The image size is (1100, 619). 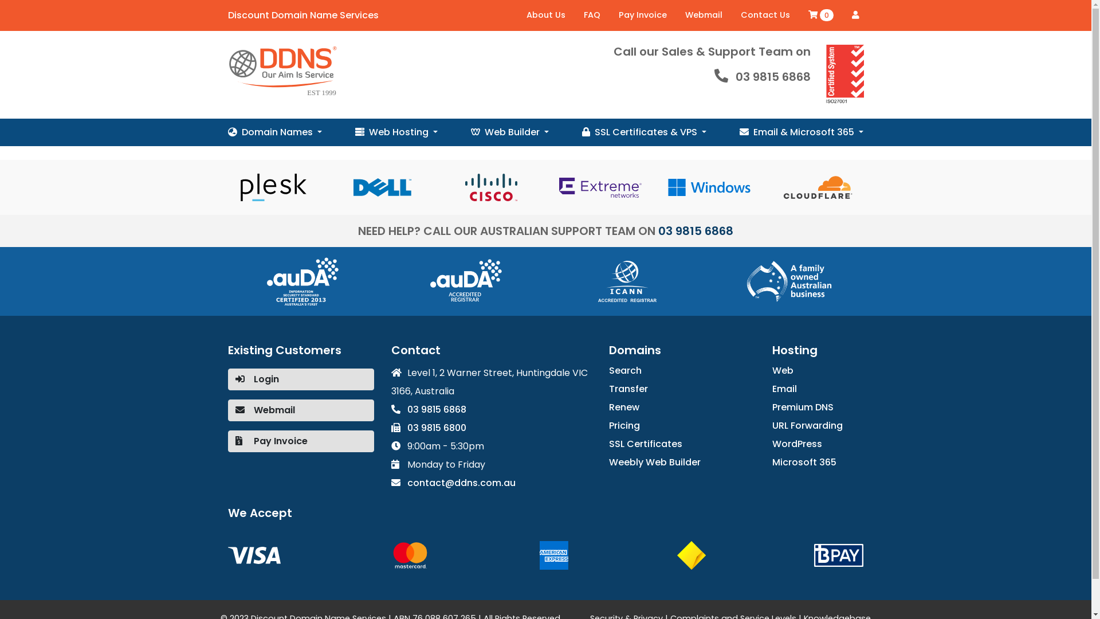 I want to click on 'Webmail', so click(x=681, y=15).